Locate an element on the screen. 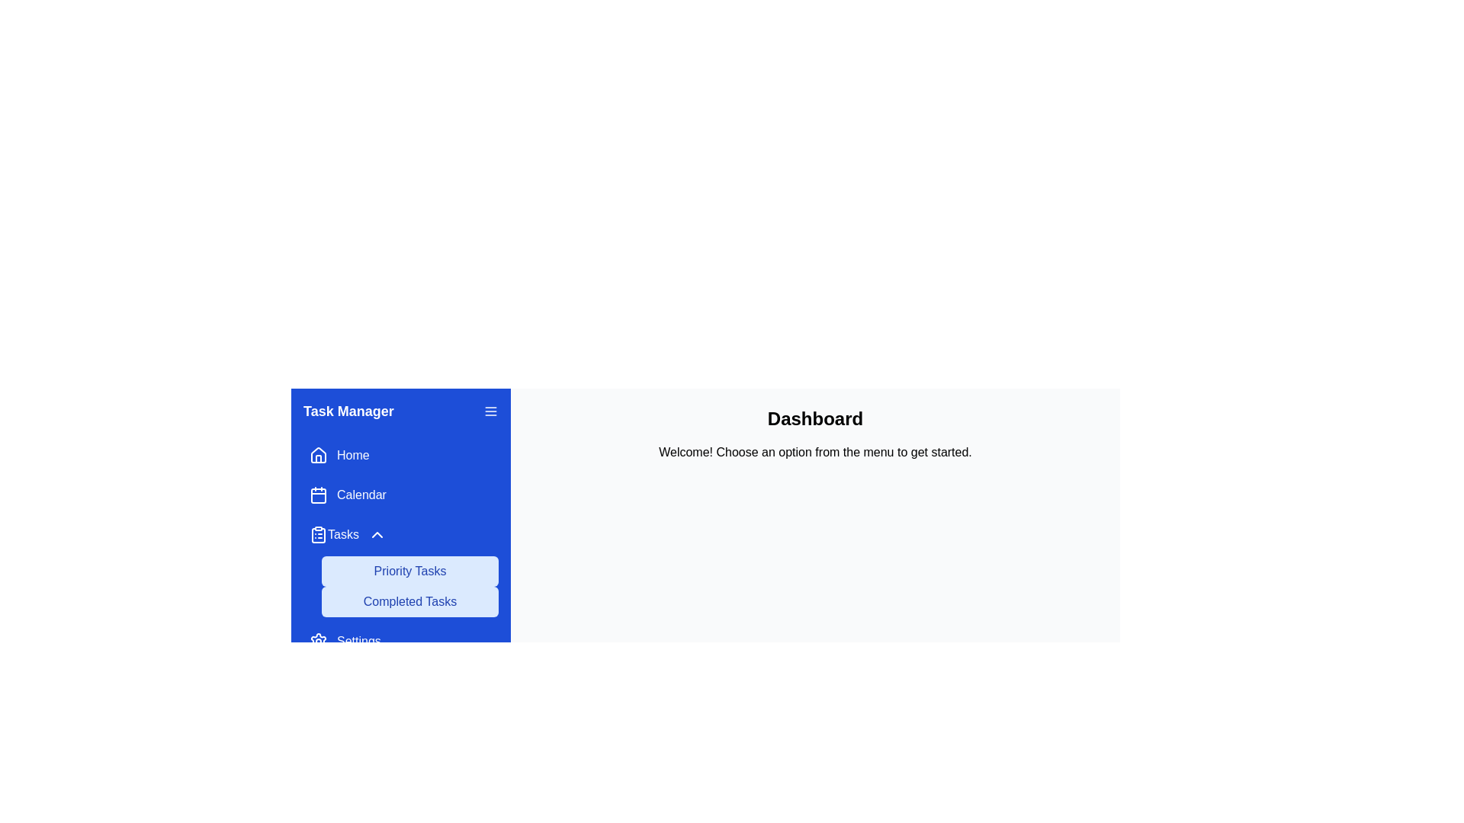 Image resolution: width=1464 pixels, height=823 pixels. text from the Text Block (Heading) element displaying 'Dashboard', which is styled with bold and large font, located at the top of the main content area is located at coordinates (814, 419).